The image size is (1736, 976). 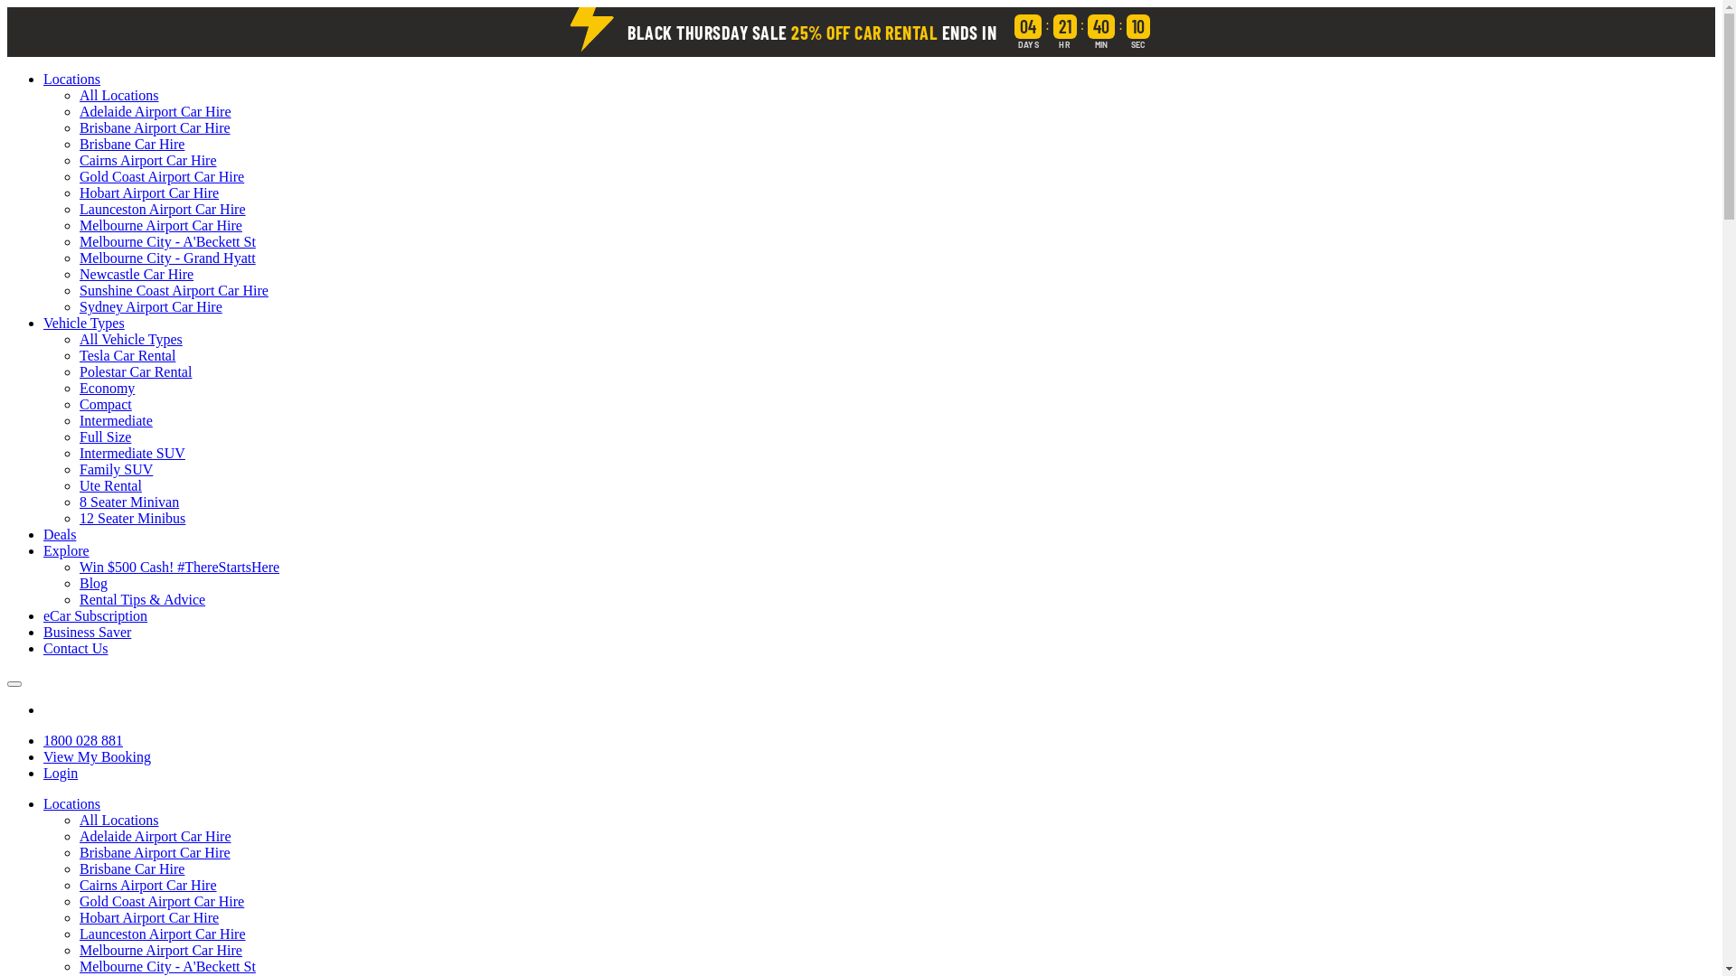 What do you see at coordinates (106, 387) in the screenshot?
I see `'Economy'` at bounding box center [106, 387].